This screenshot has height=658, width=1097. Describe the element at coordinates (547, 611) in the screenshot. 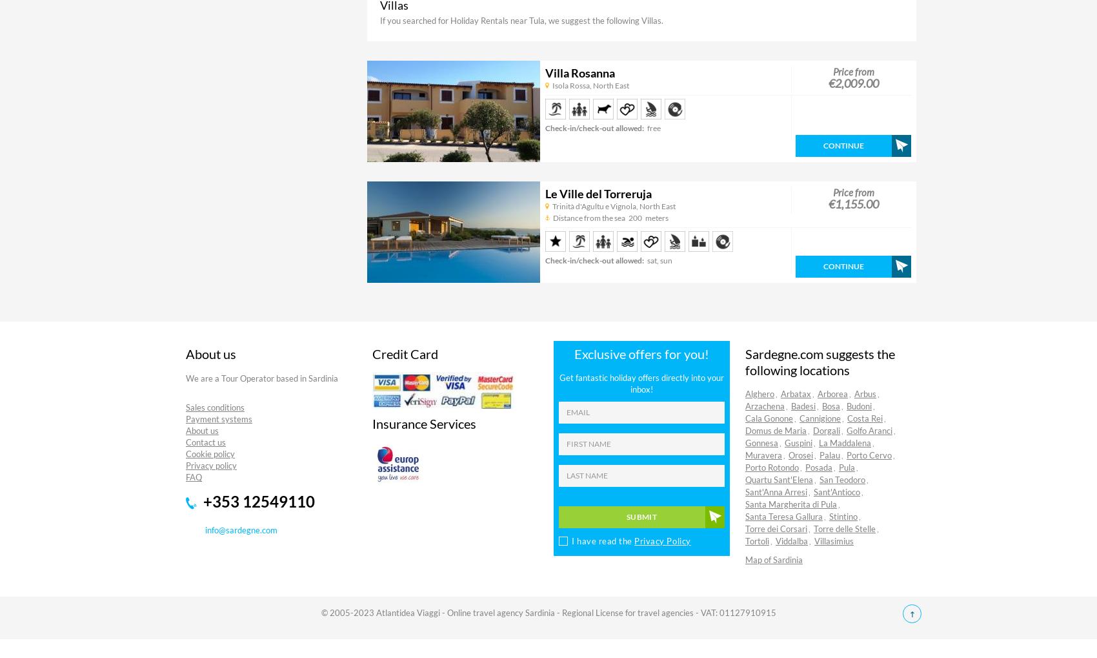

I see `'© 2005-2023 Atlantidea Viaggi - Online travel agency Sardinia - Regional License for travel agencies - VAT: 01127910915'` at that location.